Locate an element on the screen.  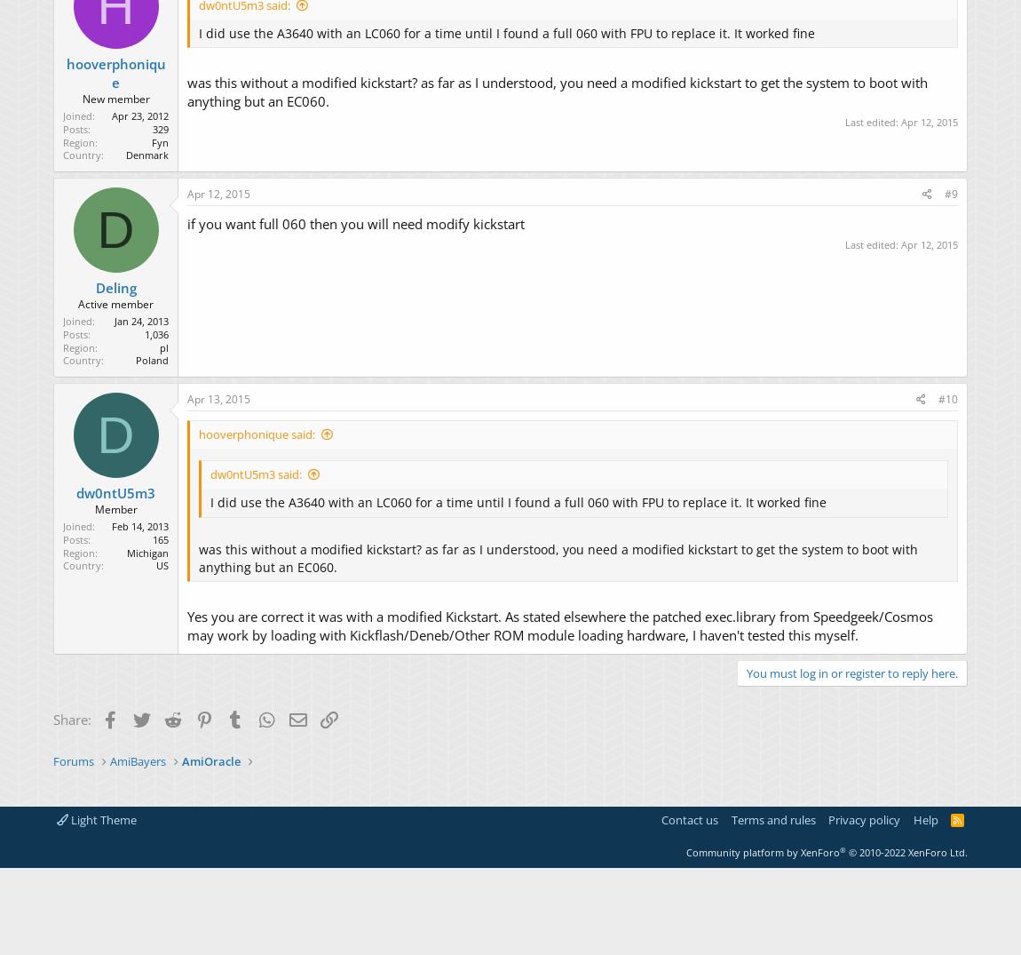
'#9' is located at coordinates (951, 192).